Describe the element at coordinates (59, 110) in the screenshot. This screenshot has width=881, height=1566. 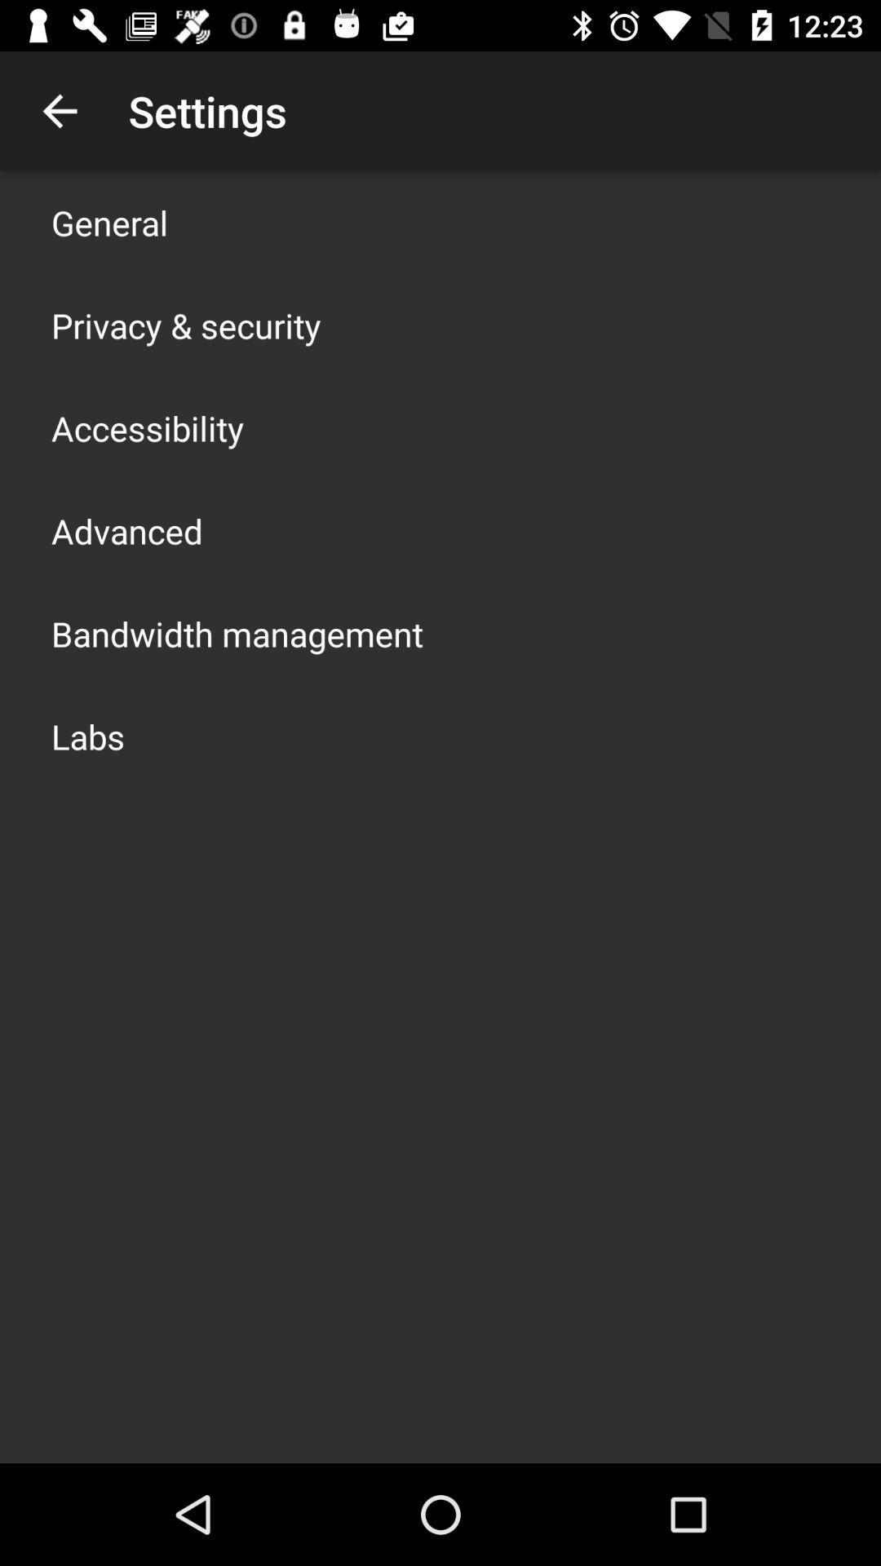
I see `the app above the general item` at that location.